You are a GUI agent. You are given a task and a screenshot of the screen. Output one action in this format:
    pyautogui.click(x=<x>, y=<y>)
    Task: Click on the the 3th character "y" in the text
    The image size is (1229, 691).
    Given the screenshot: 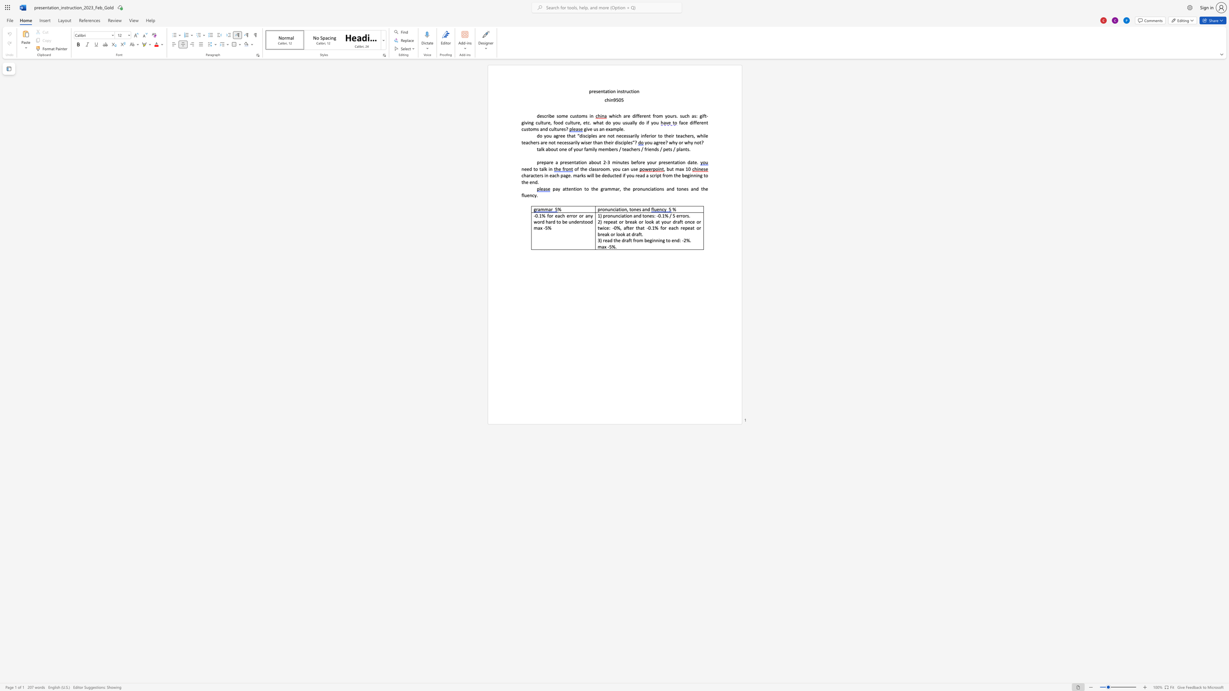 What is the action you would take?
    pyautogui.click(x=651, y=122)
    